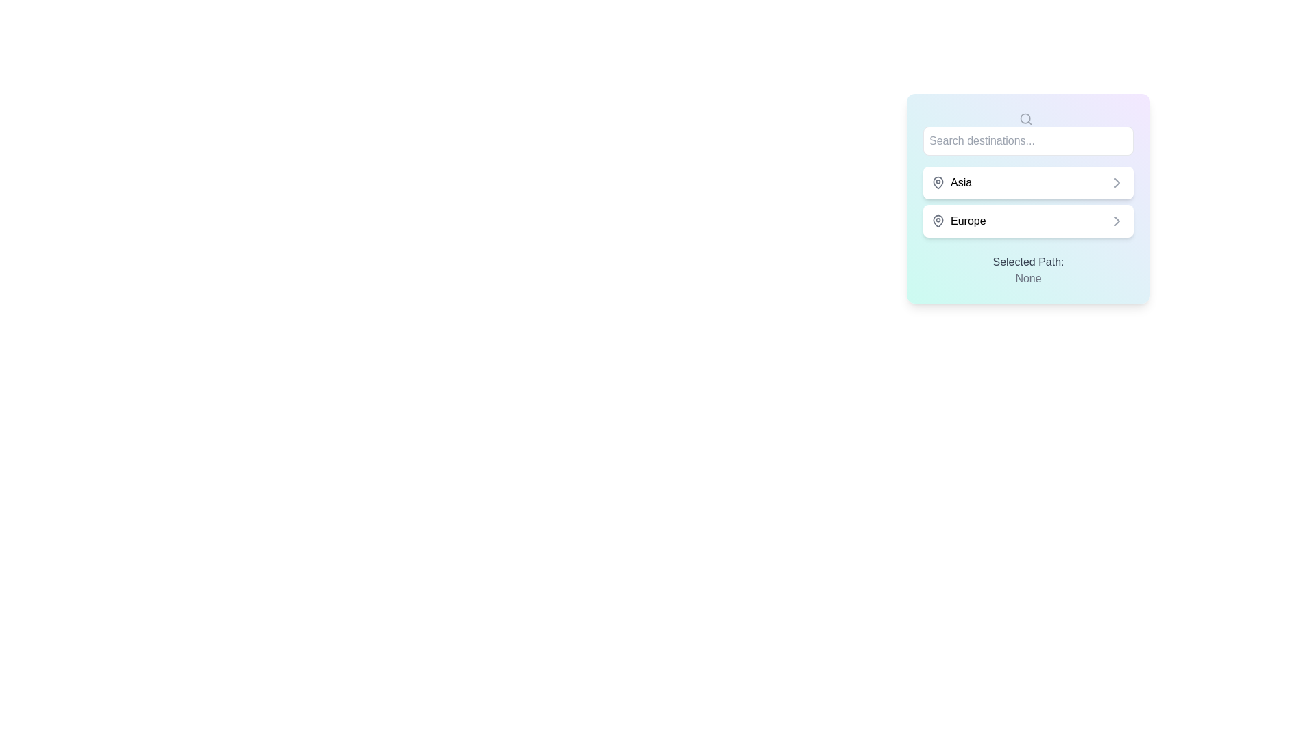 The image size is (1316, 740). What do you see at coordinates (1117, 221) in the screenshot?
I see `the chevron-right icon, which is an outlined arrow icon located to the right of the 'Europe' text under the 'Search destinations' heading` at bounding box center [1117, 221].